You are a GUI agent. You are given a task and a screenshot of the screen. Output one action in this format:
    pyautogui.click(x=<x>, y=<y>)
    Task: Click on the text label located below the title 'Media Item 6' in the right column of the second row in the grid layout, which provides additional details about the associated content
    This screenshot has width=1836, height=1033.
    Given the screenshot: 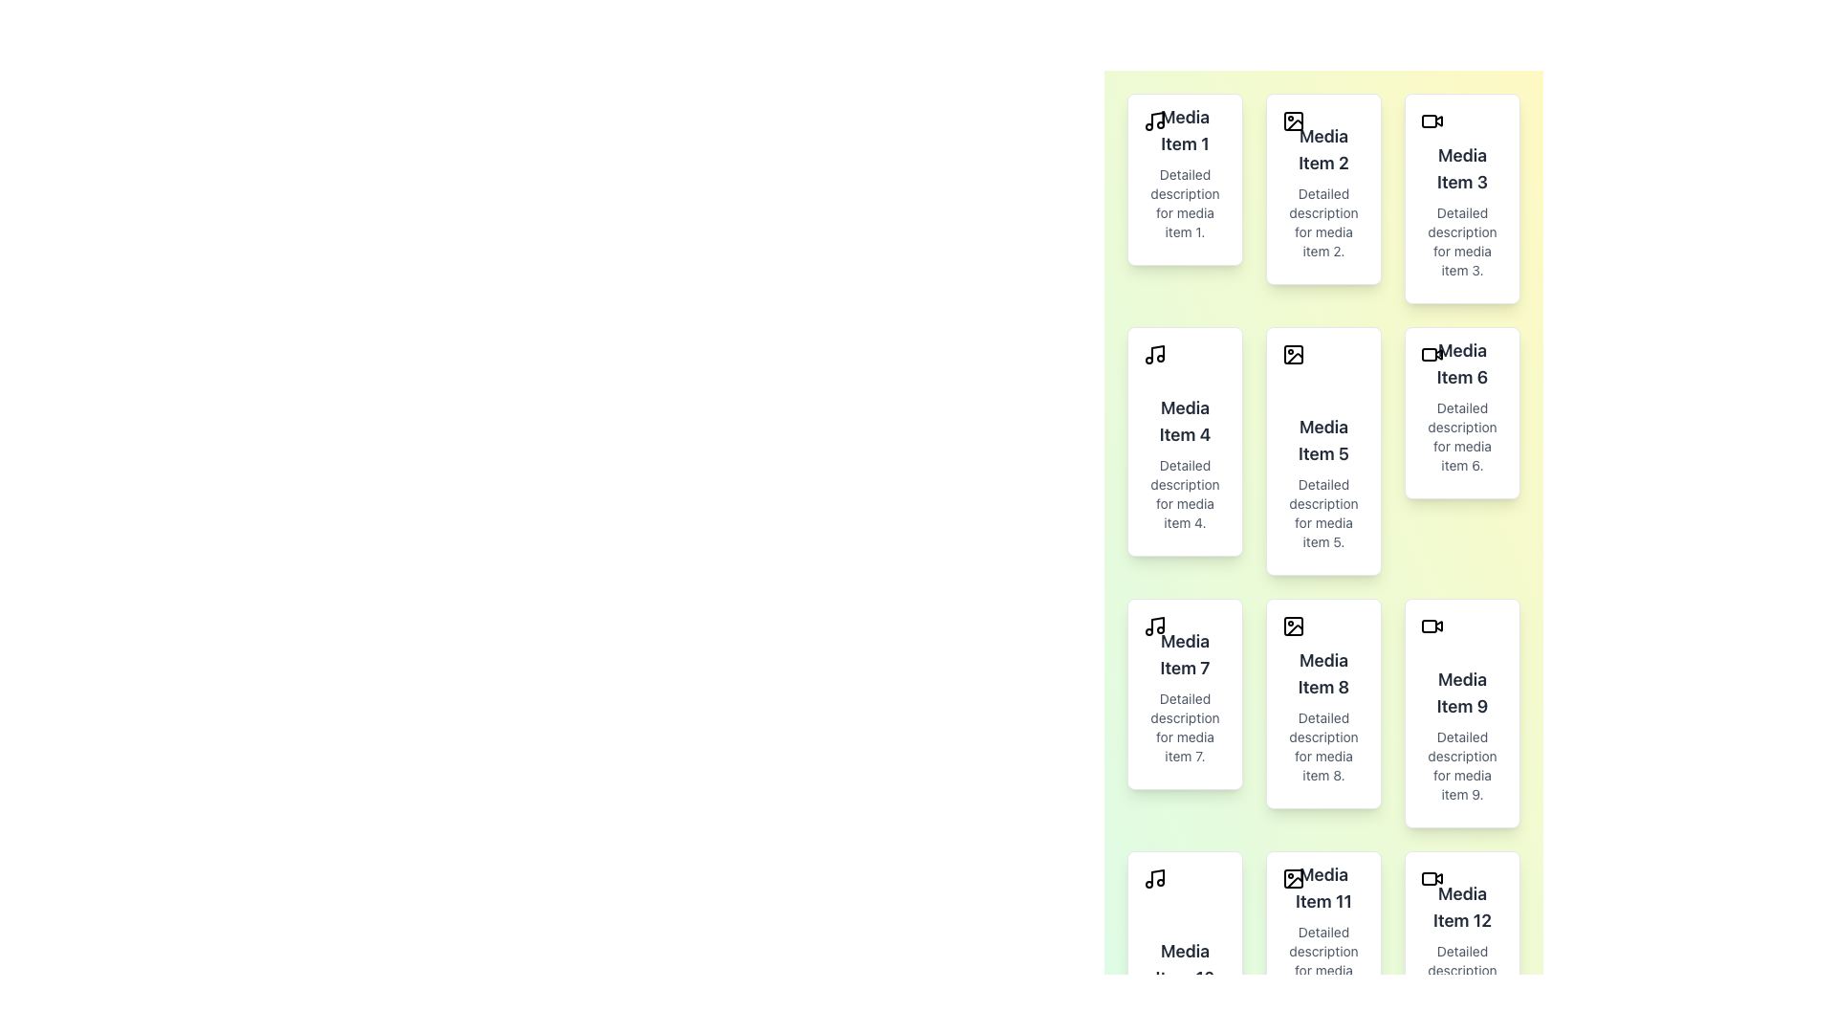 What is the action you would take?
    pyautogui.click(x=1461, y=436)
    